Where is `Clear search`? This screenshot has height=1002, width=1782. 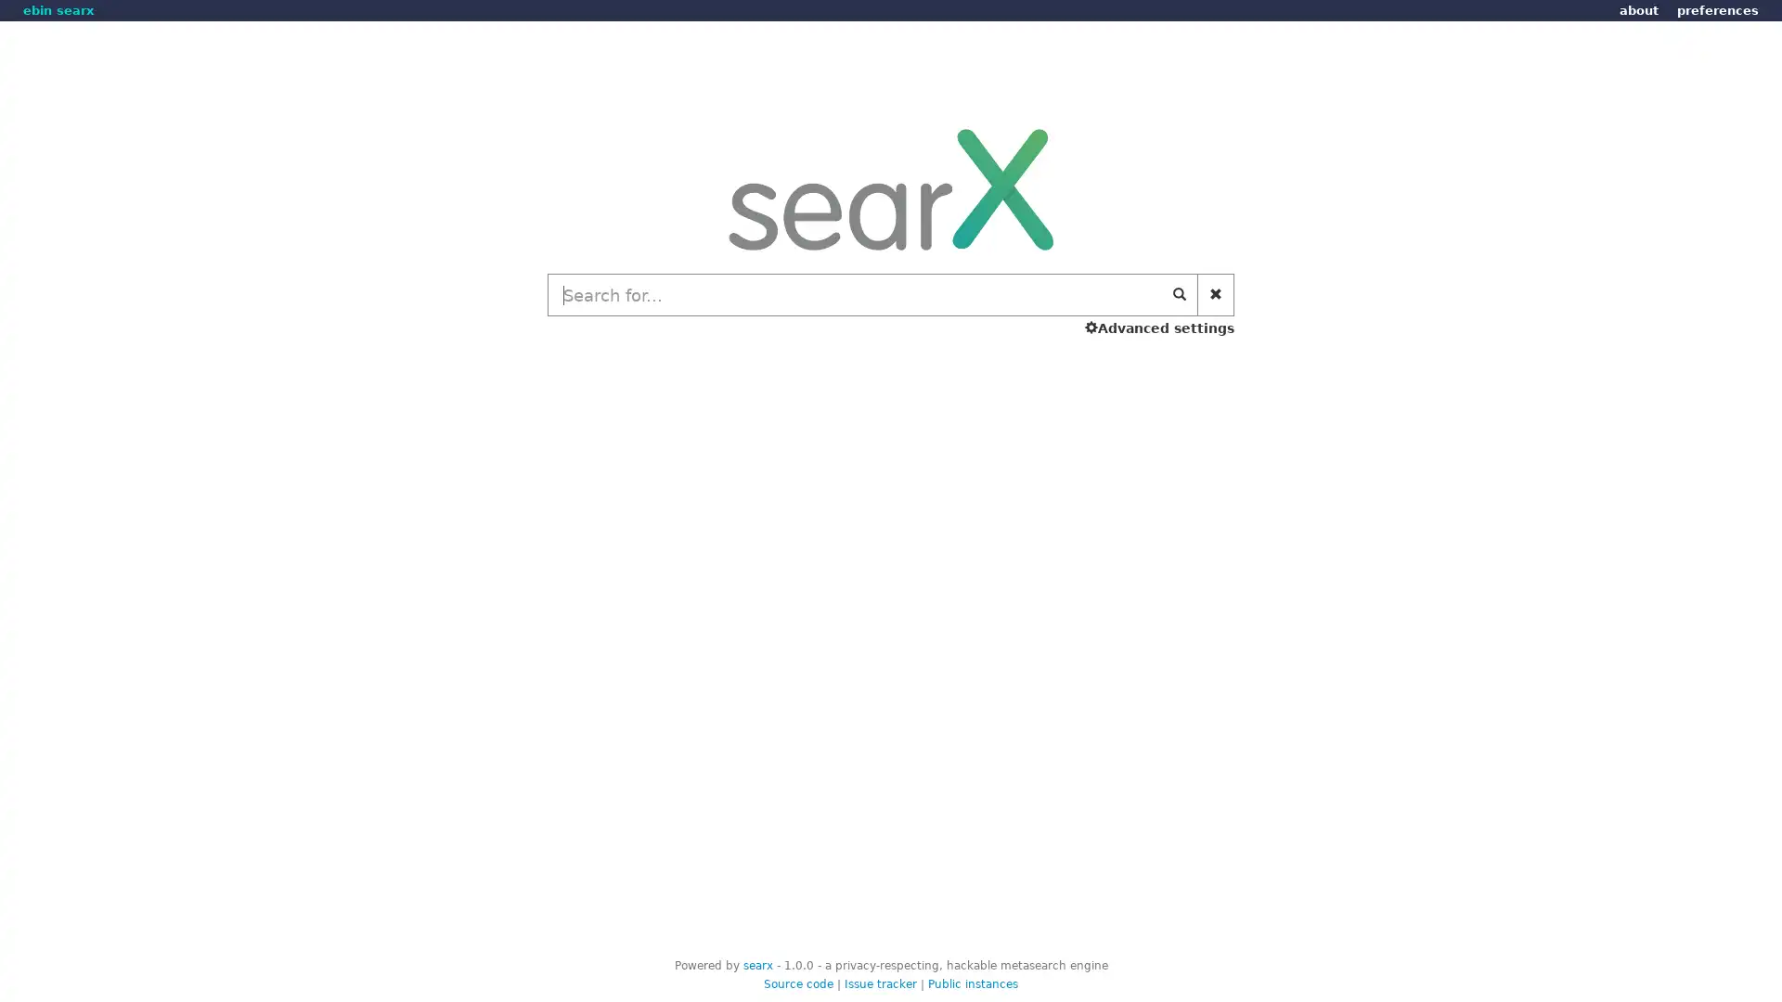 Clear search is located at coordinates (1216, 293).